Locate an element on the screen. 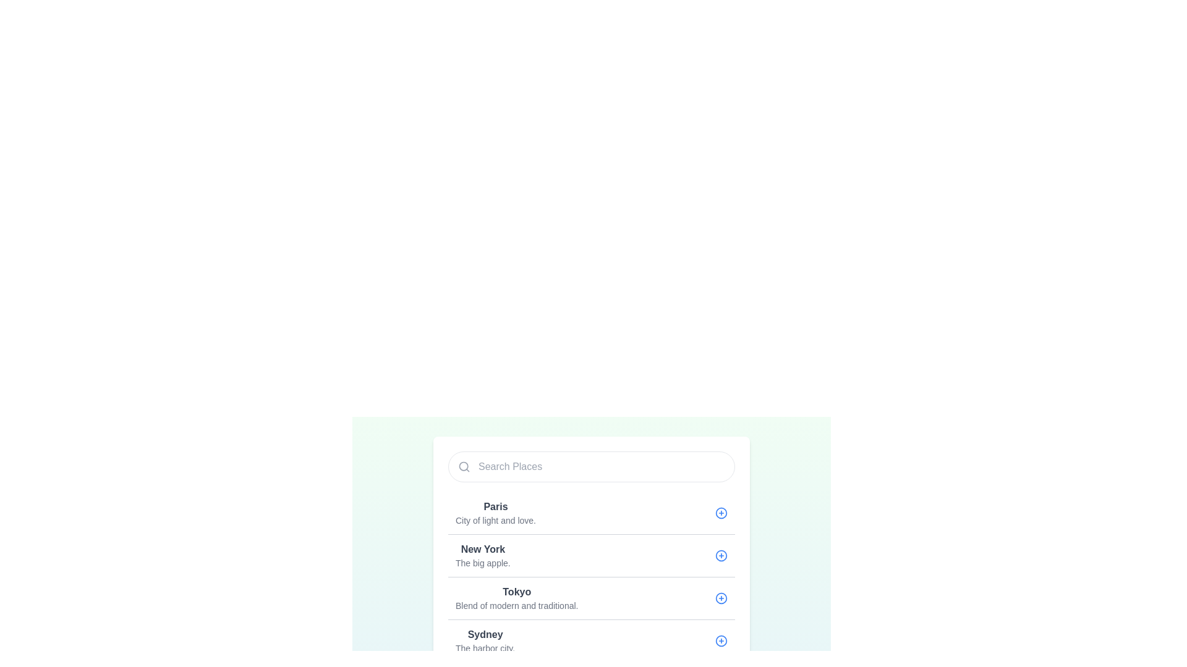 The height and width of the screenshot is (667, 1187). textual content of the Text Label displaying 'The harbor city.' located below the heading 'Sydney' in the 'Places' section is located at coordinates (485, 647).